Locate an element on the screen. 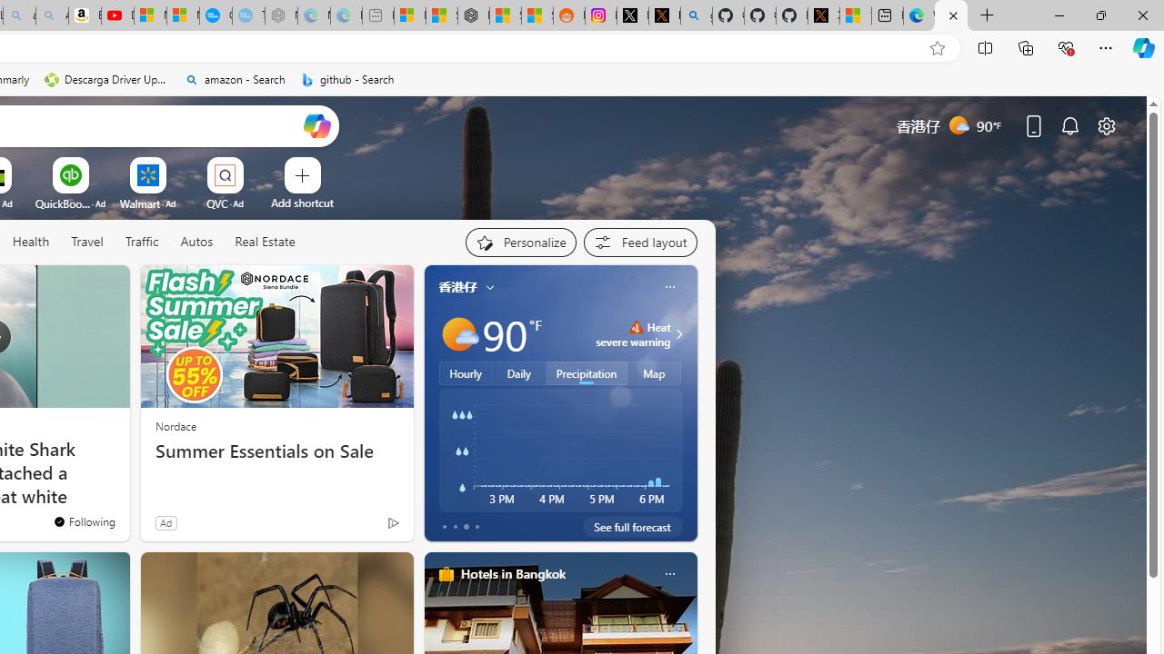 This screenshot has width=1164, height=654. 'Welcome to Microsoft Edge' is located at coordinates (919, 15).